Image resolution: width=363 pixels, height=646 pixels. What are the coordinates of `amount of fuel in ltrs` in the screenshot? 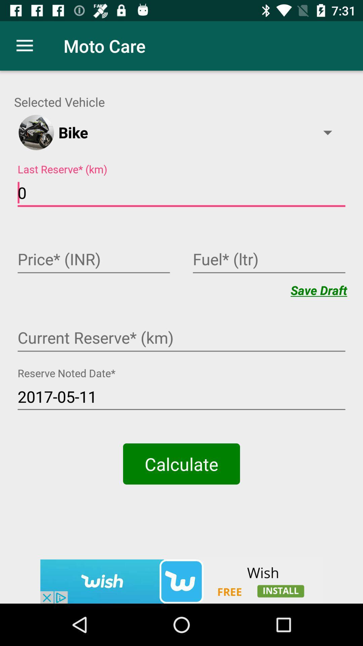 It's located at (269, 260).